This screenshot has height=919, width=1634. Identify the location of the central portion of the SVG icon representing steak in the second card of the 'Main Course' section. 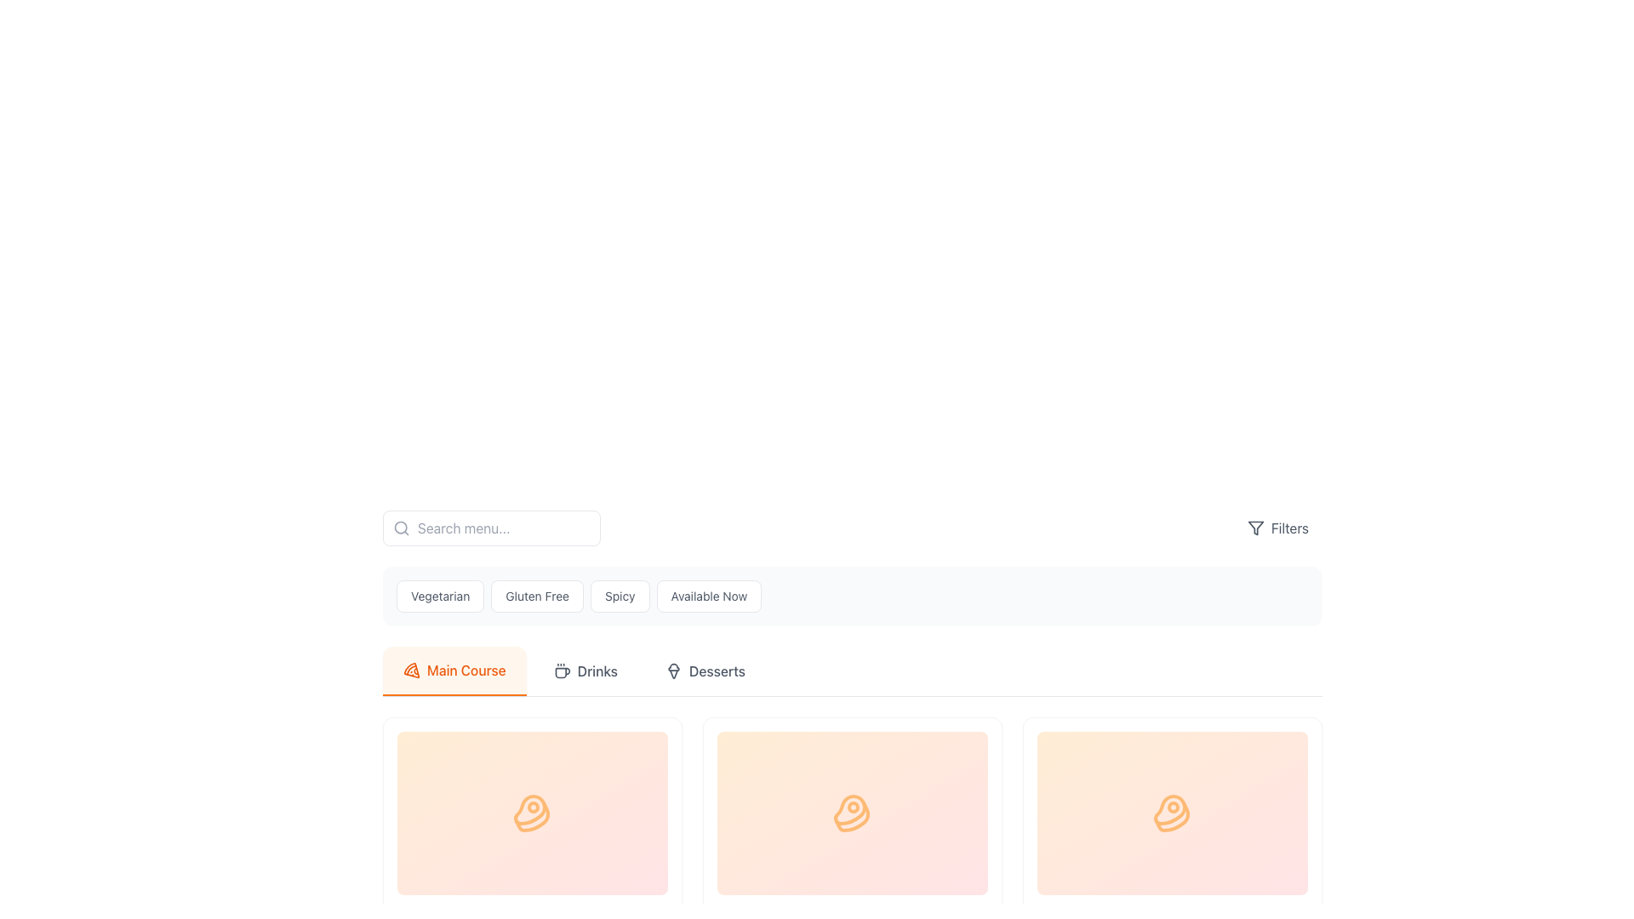
(1168, 809).